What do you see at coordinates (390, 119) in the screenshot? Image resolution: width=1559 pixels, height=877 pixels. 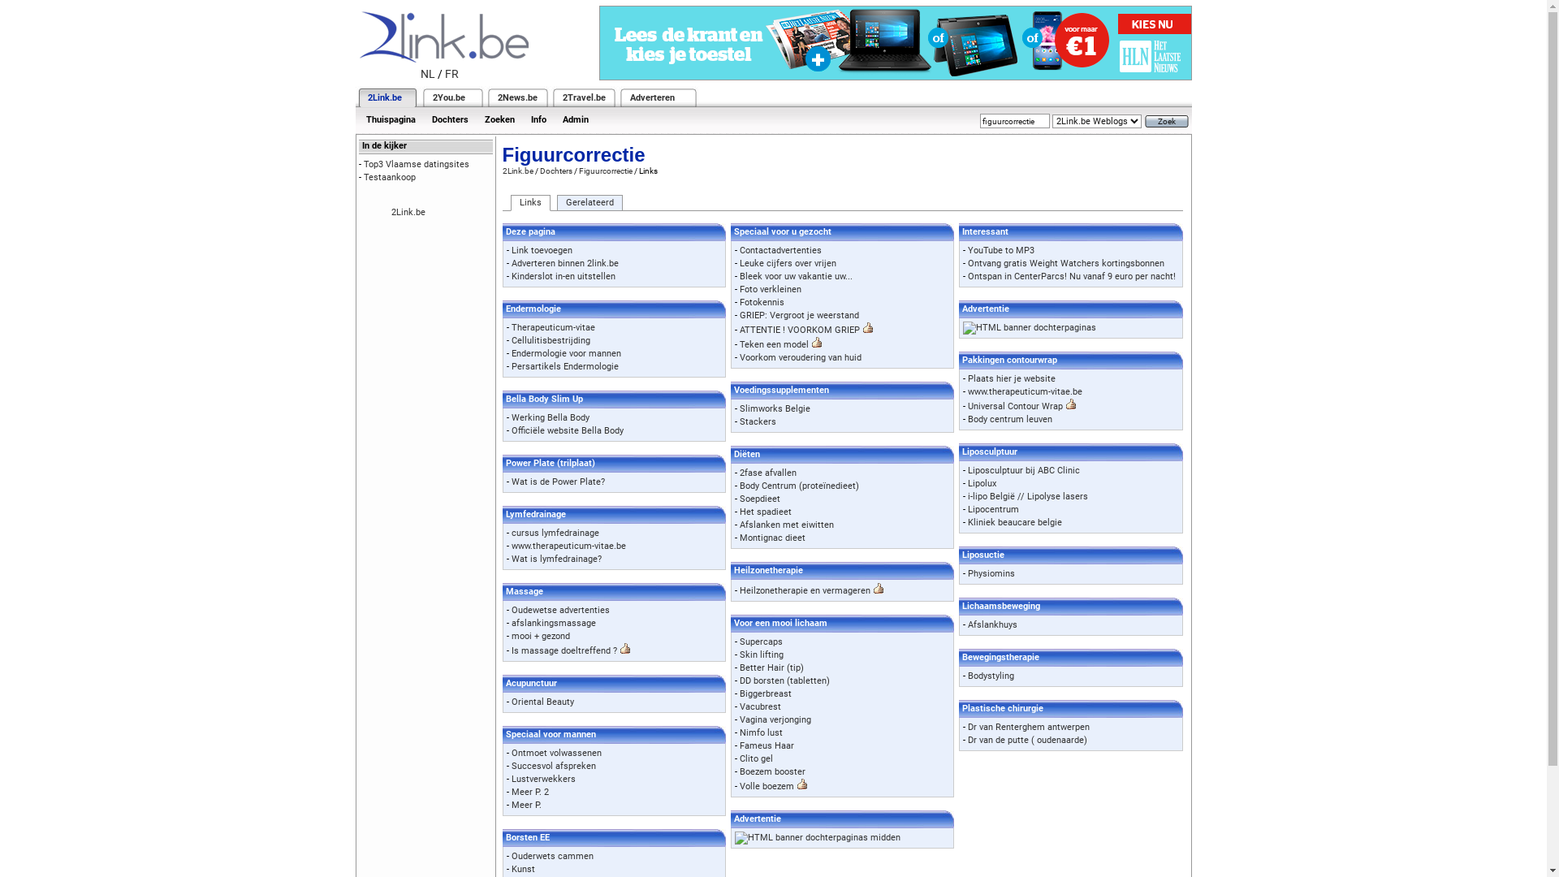 I see `'Thuispagina'` at bounding box center [390, 119].